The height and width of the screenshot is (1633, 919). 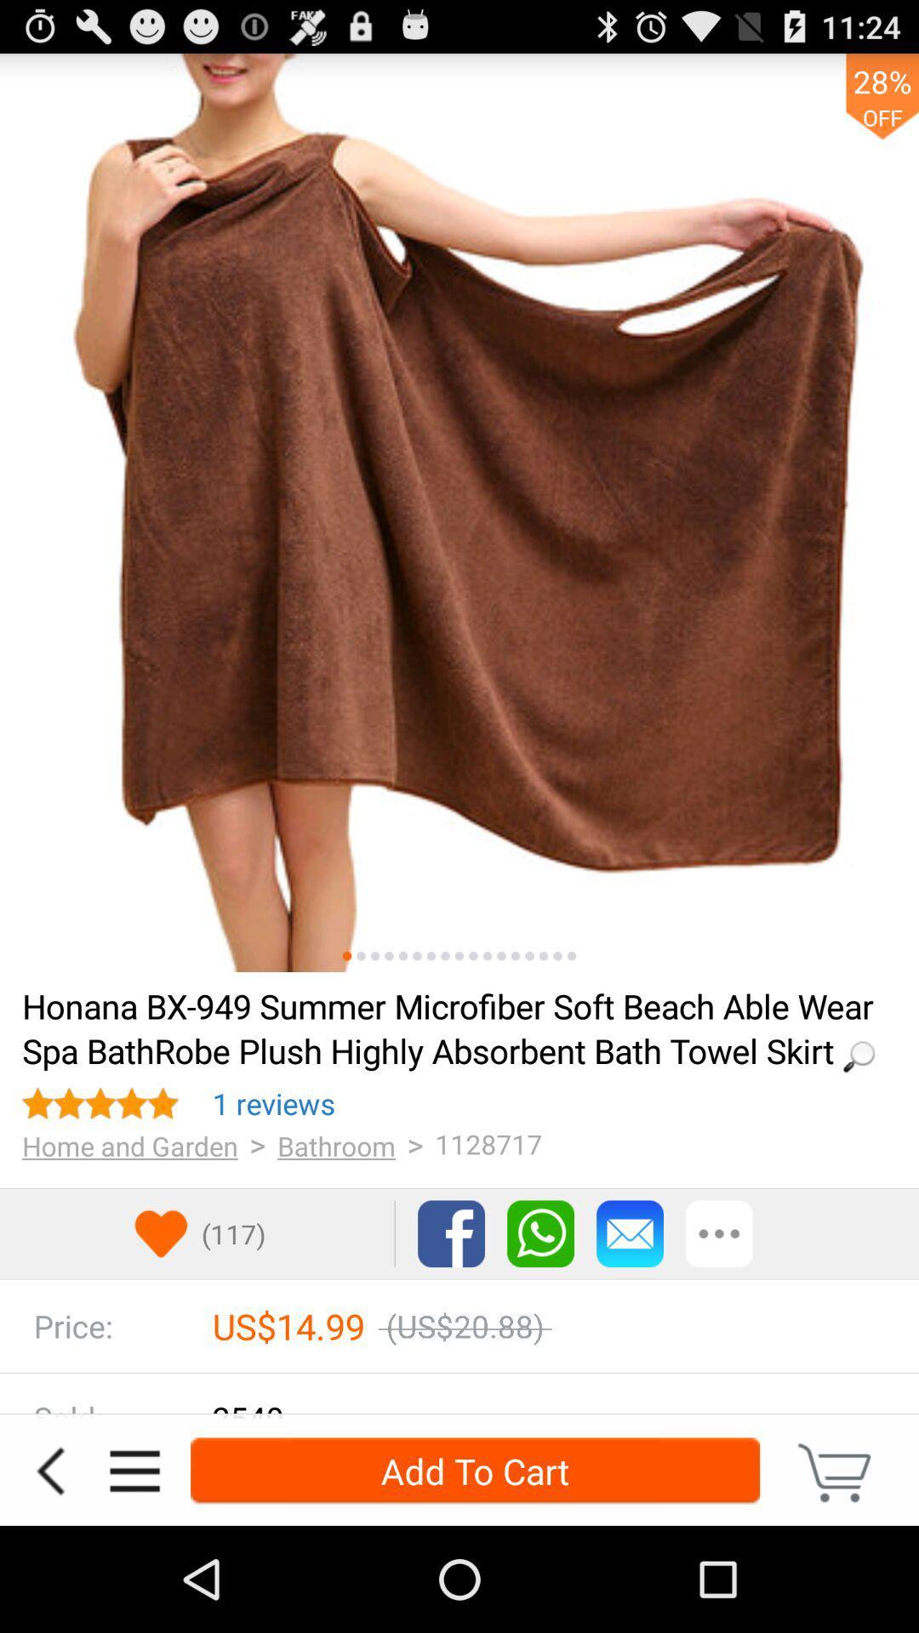 I want to click on product image, so click(x=488, y=956).